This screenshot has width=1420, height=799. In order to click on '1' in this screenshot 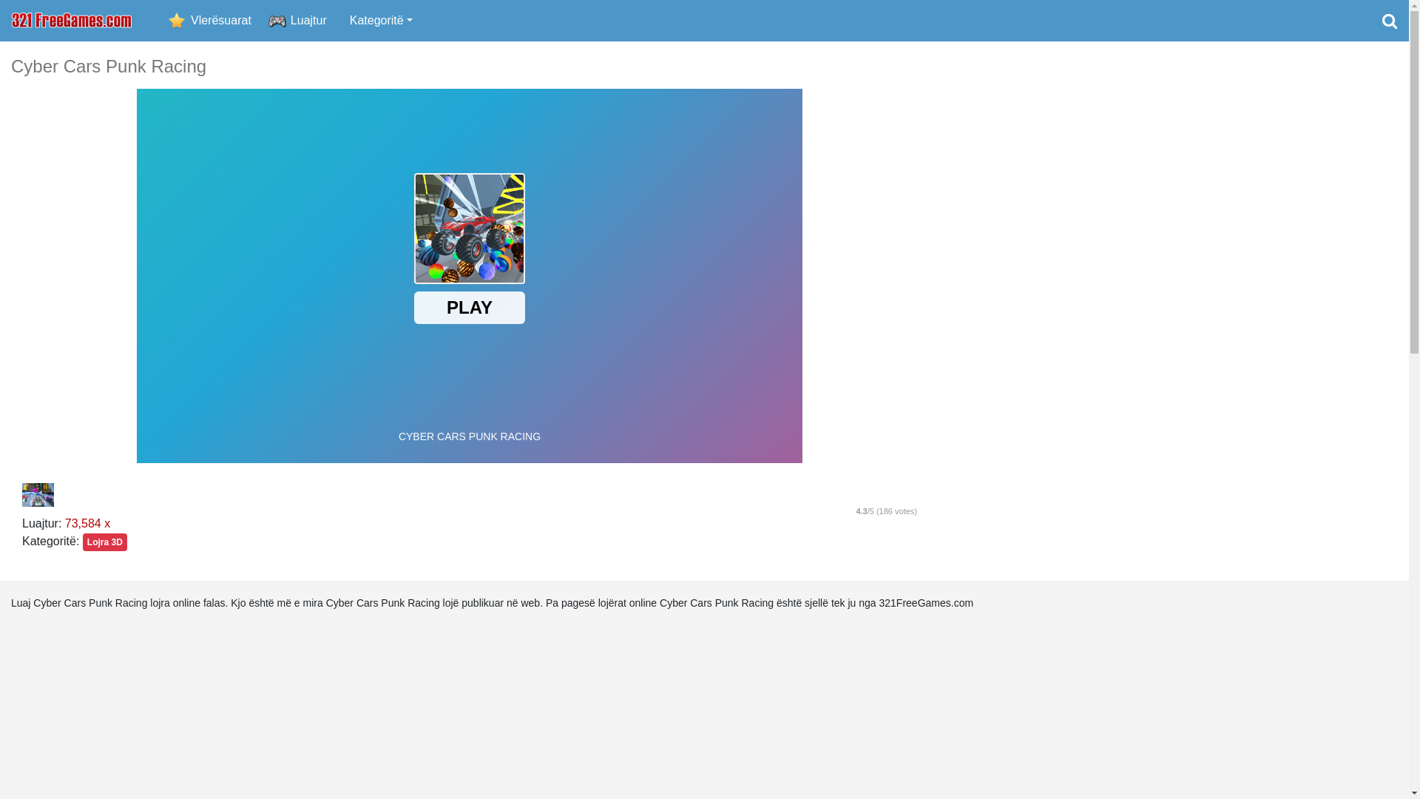, I will do `click(816, 493)`.